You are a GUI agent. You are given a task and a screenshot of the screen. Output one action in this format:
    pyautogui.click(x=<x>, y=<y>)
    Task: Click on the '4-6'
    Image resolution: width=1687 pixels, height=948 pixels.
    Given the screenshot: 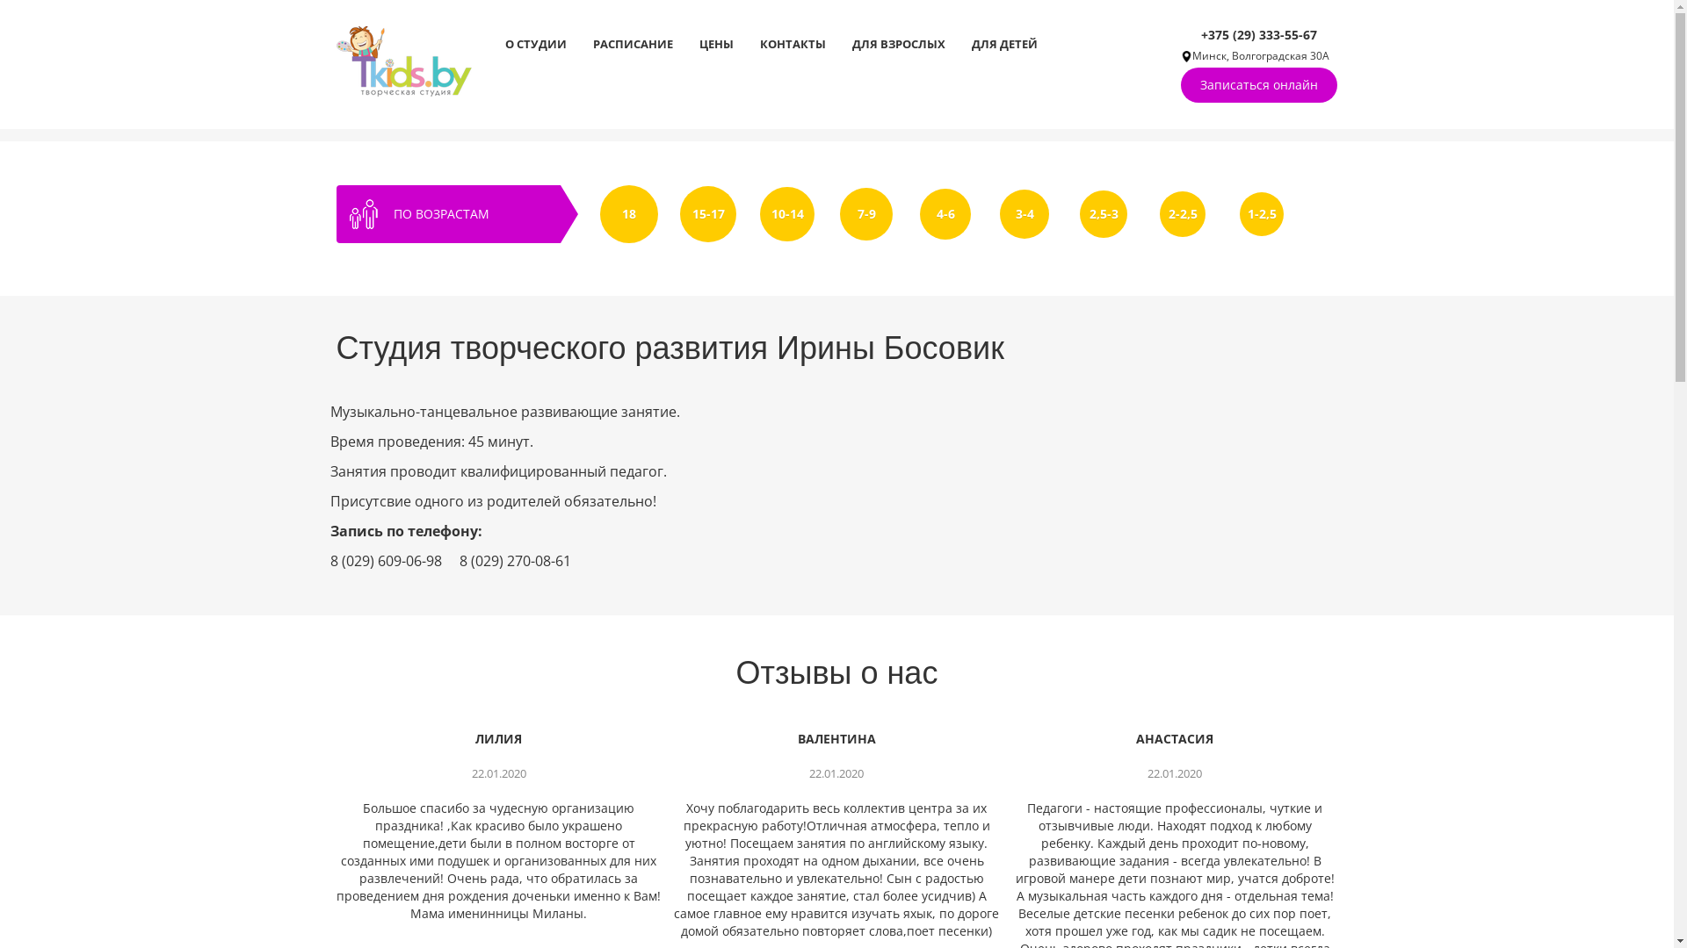 What is the action you would take?
    pyautogui.click(x=944, y=212)
    